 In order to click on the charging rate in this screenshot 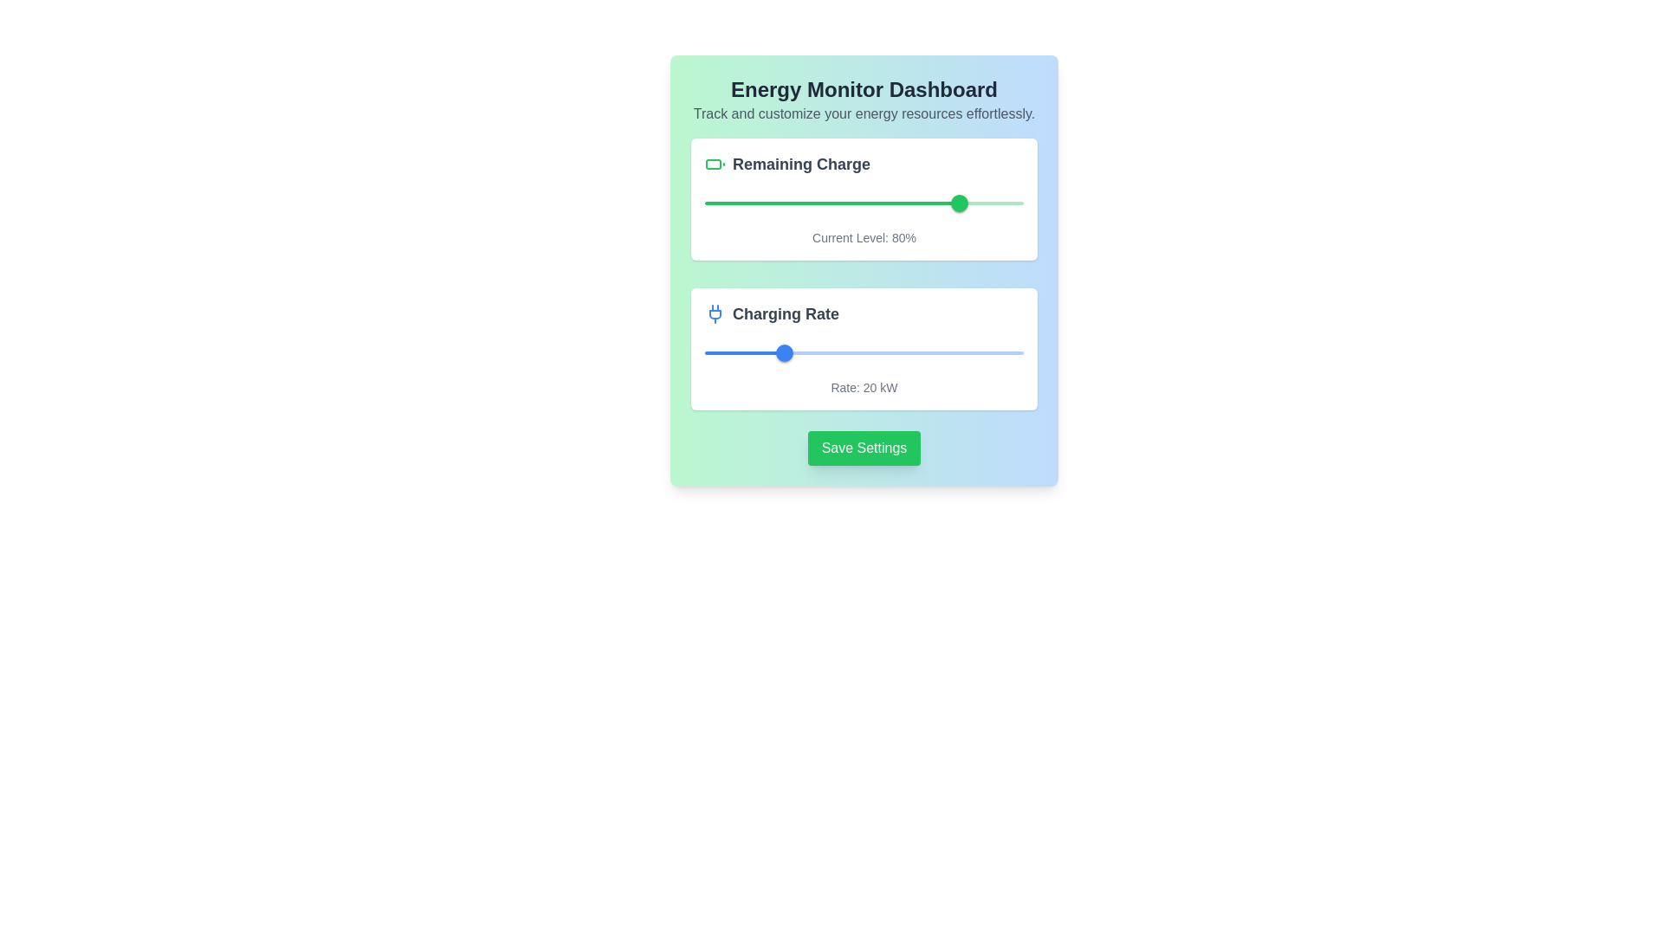, I will do `click(856, 352)`.